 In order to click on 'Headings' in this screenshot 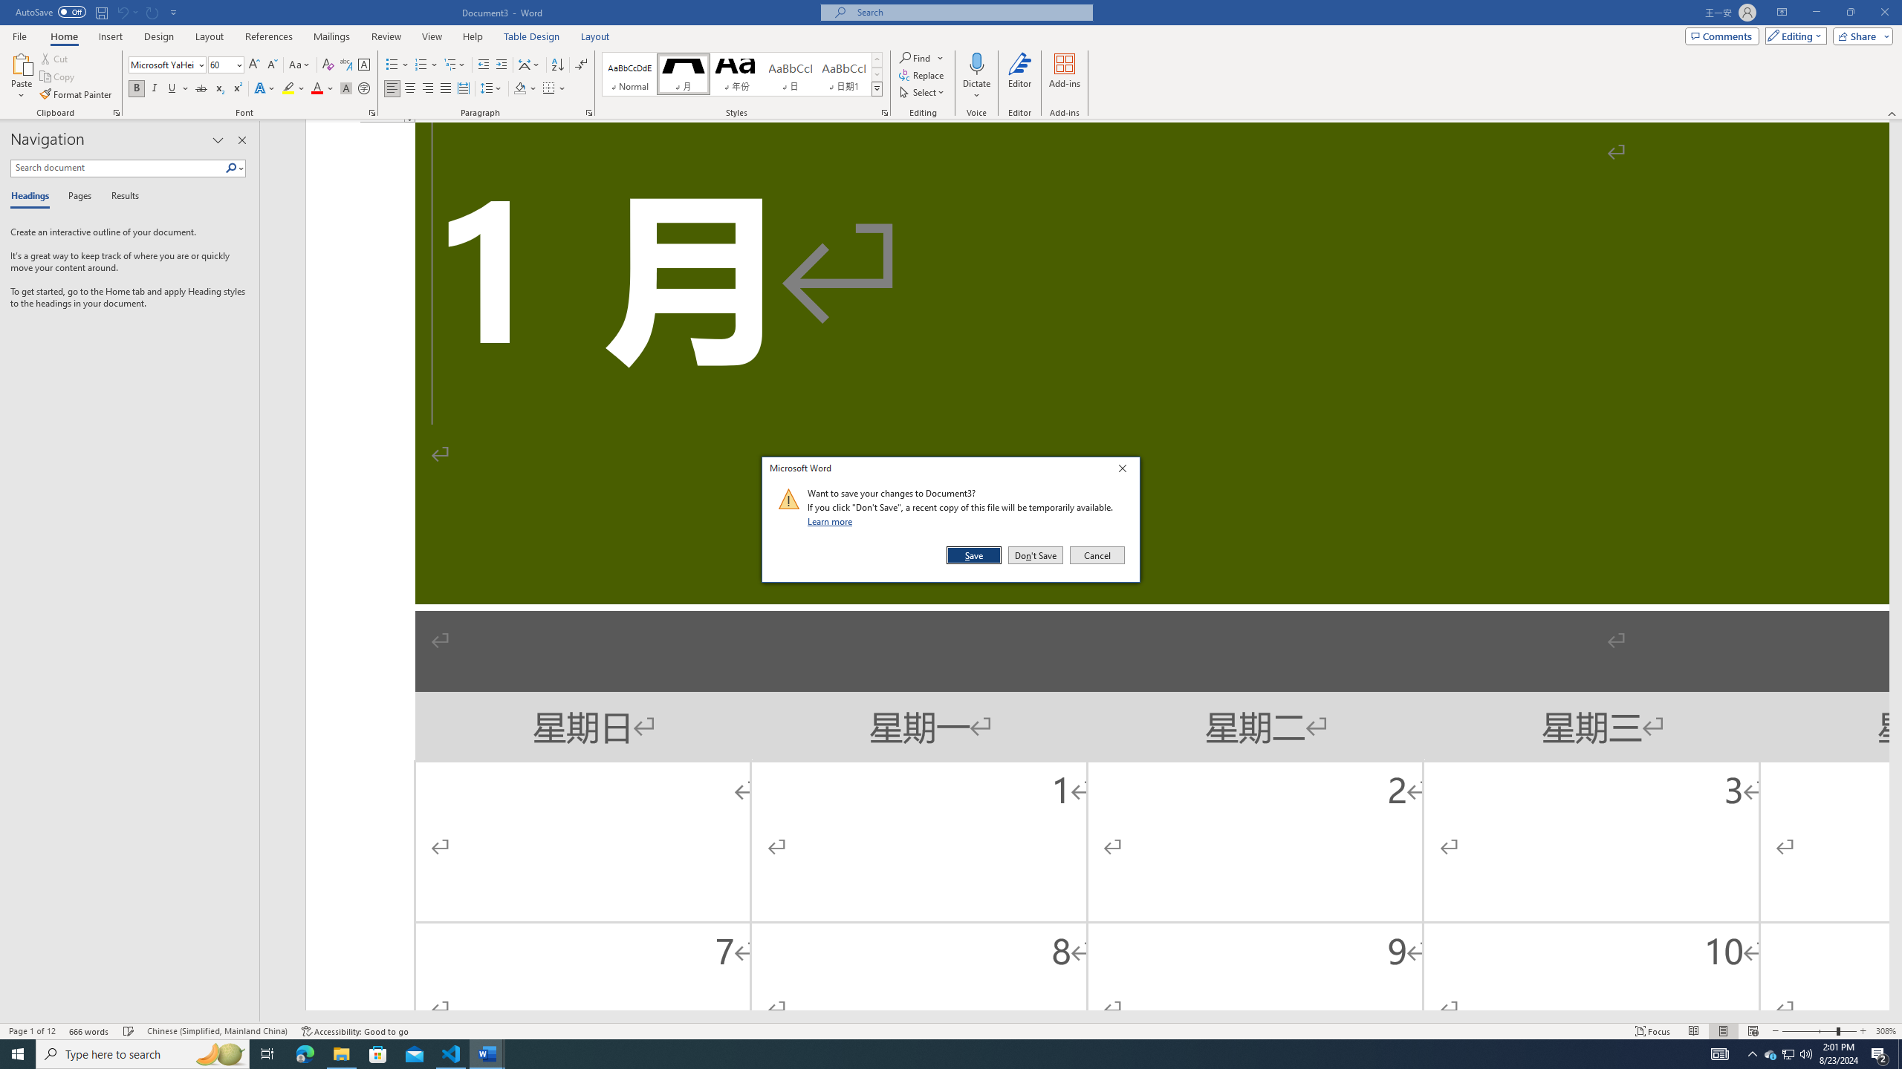, I will do `click(33, 196)`.